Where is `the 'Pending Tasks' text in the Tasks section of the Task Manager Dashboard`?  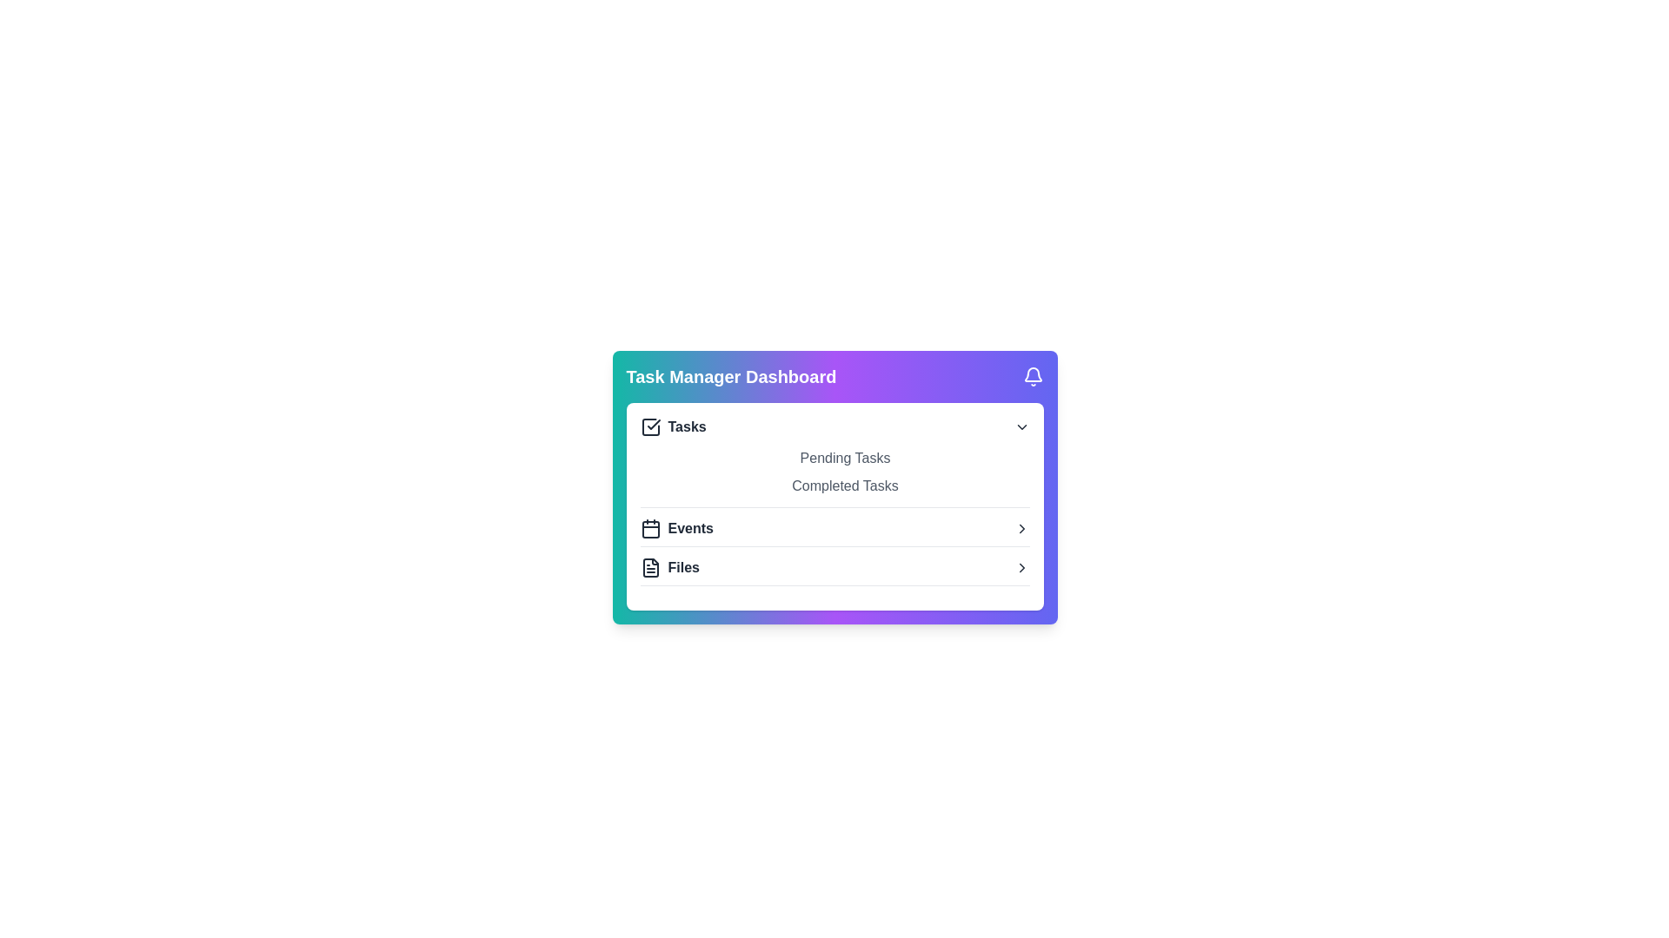
the 'Pending Tasks' text in the Tasks section of the Task Manager Dashboard is located at coordinates (834, 458).